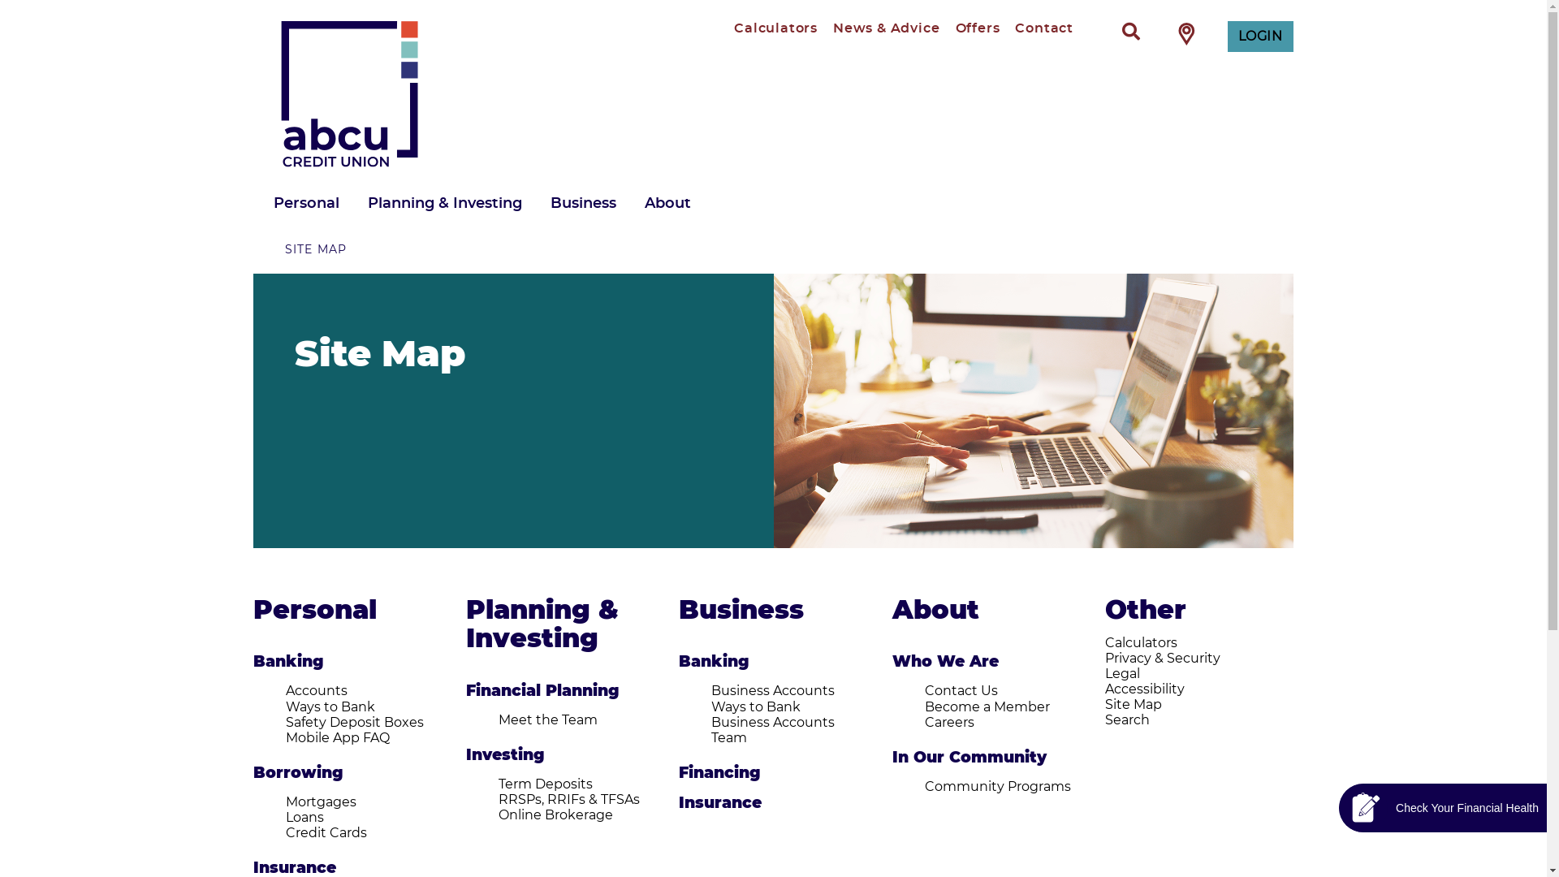 The width and height of the screenshot is (1559, 877). Describe the element at coordinates (1186, 33) in the screenshot. I see `'Find Branch / ATM'` at that location.